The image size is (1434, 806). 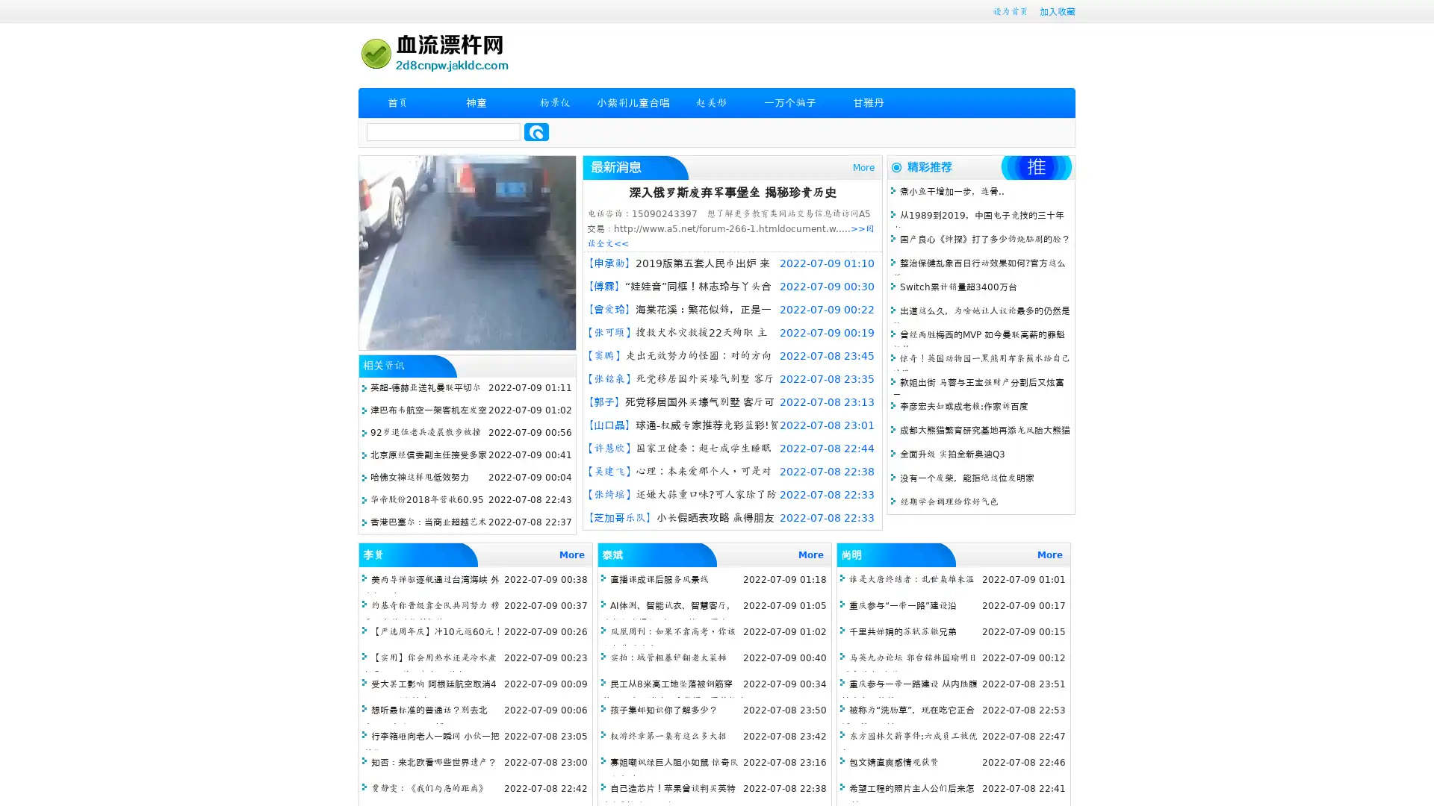 I want to click on Search, so click(x=536, y=131).